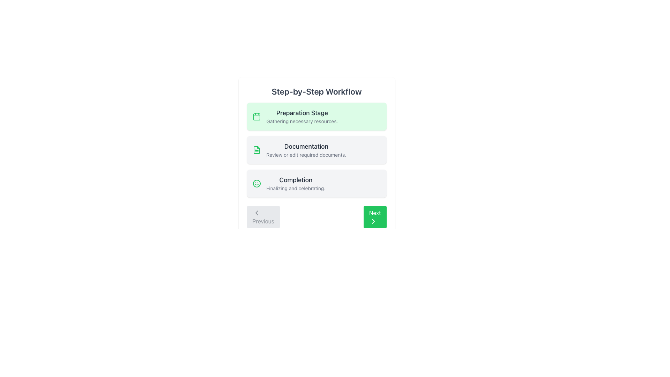 The width and height of the screenshot is (670, 377). I want to click on the 'Preparation Stage' text label, which is prominently displayed in a bold, dark gray font against a green background, positioned above the lighter gray text 'Gathering necessary resources.', so click(302, 113).